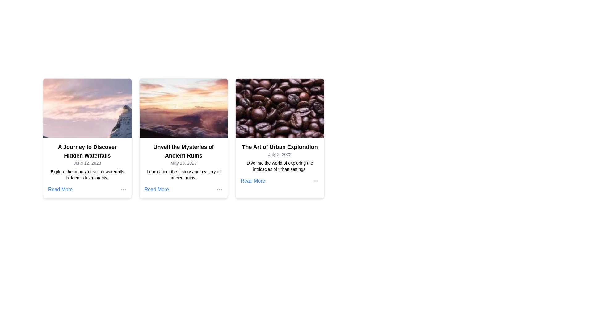  What do you see at coordinates (316, 180) in the screenshot?
I see `the Ellipsis menu icon located in the bottom-right corner of the 'The Art of Urban Exploration' card` at bounding box center [316, 180].